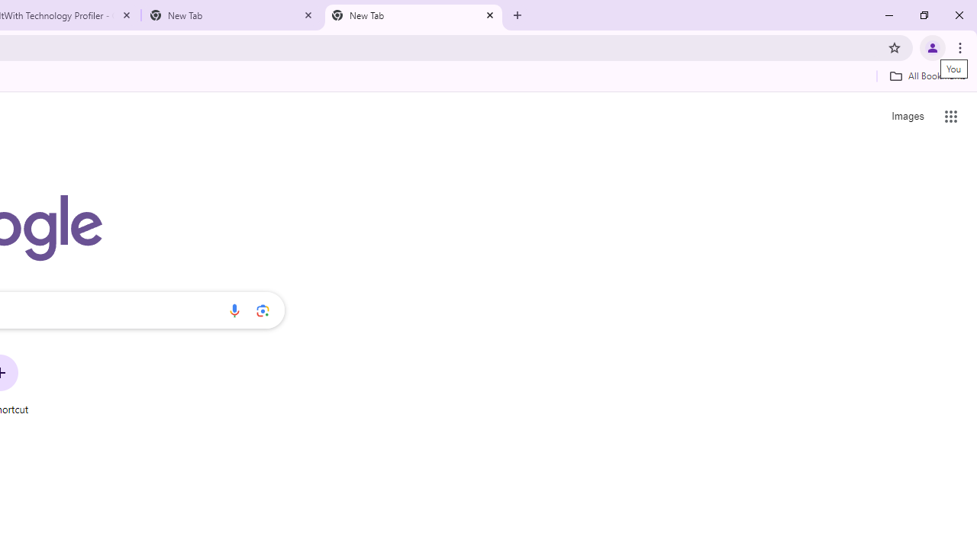 This screenshot has height=549, width=977. Describe the element at coordinates (231, 15) in the screenshot. I see `'New Tab'` at that location.